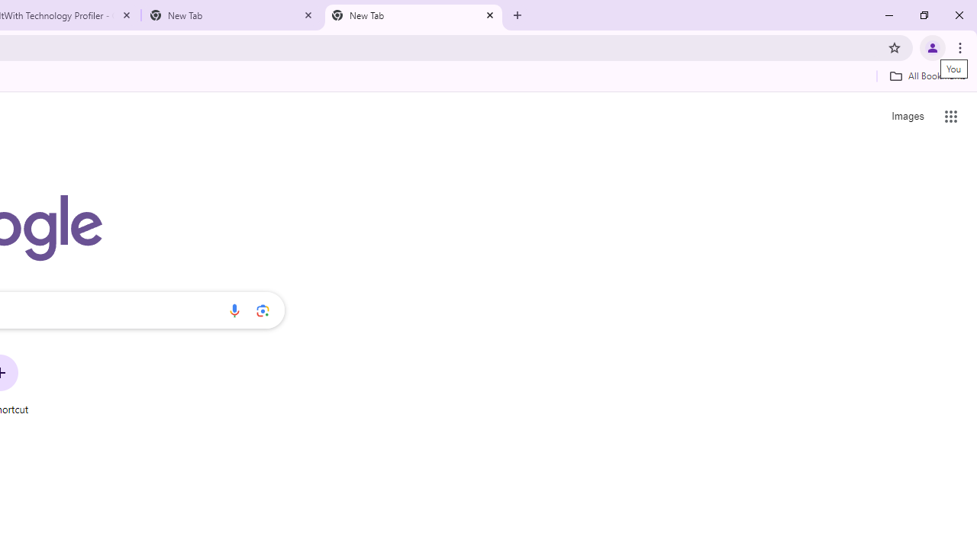 This screenshot has height=549, width=977. Describe the element at coordinates (231, 15) in the screenshot. I see `'New Tab'` at that location.